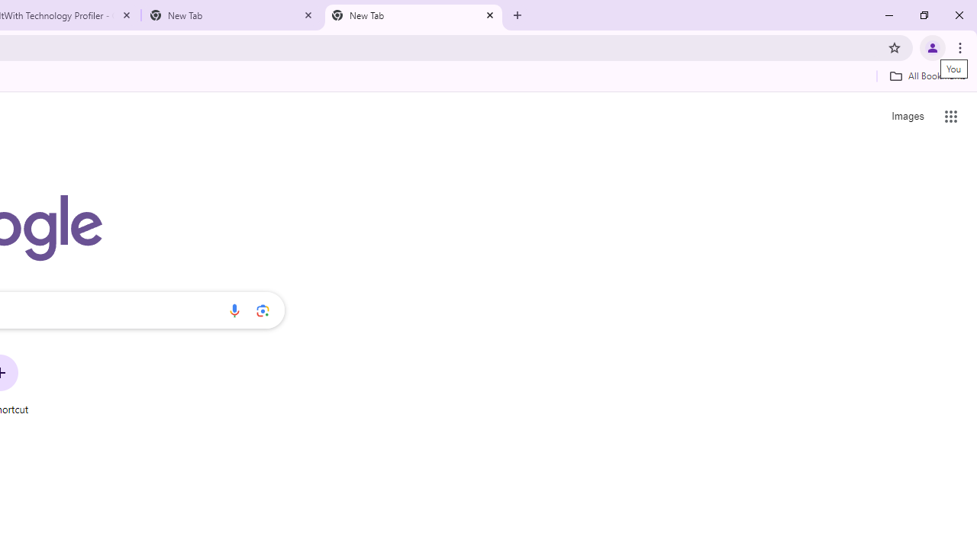 This screenshot has height=549, width=977. Describe the element at coordinates (231, 15) in the screenshot. I see `'New Tab'` at that location.